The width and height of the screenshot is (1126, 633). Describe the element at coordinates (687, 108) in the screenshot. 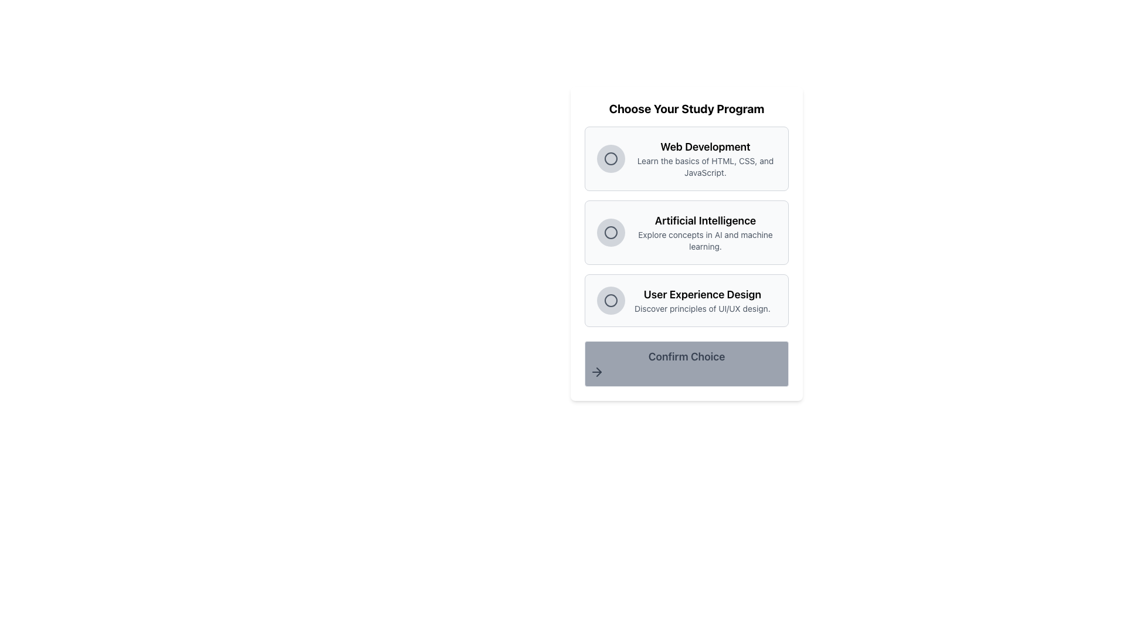

I see `the main heading for the section that provides context for study program options, which is located at the top of the section above titles like 'Web Development', 'Artificial Intelligence', and 'User Experience Design'` at that location.